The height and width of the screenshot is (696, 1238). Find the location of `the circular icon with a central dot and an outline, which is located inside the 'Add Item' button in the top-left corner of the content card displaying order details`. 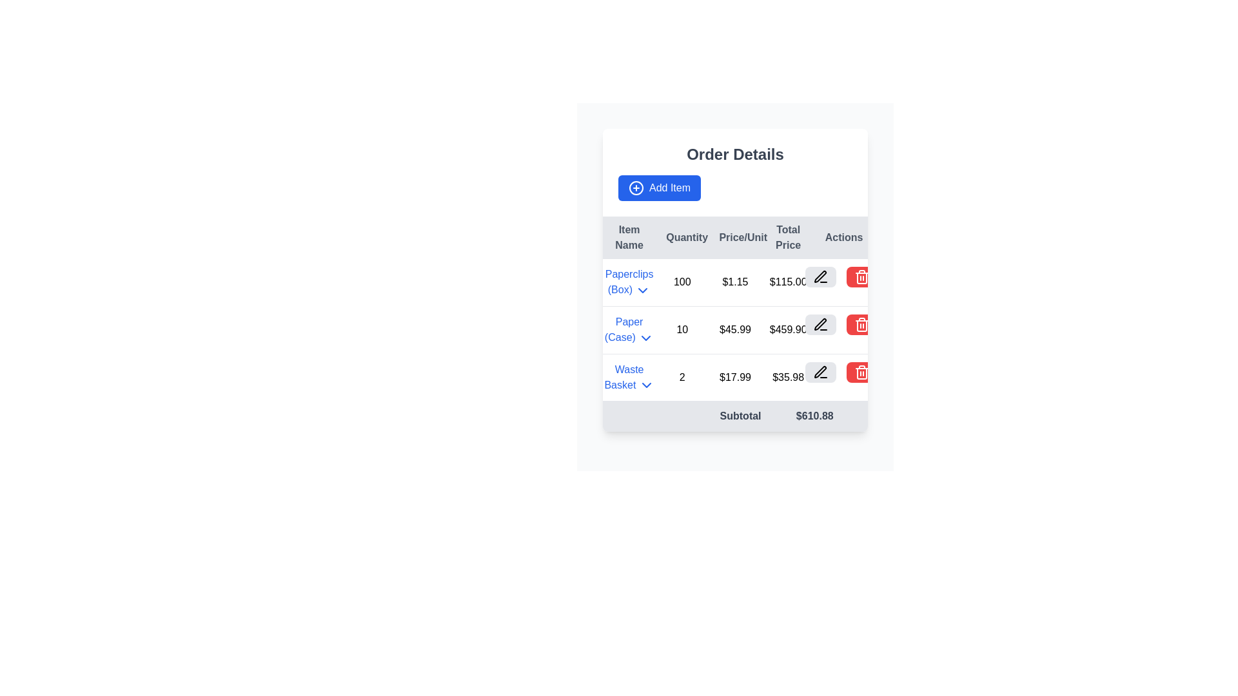

the circular icon with a central dot and an outline, which is located inside the 'Add Item' button in the top-left corner of the content card displaying order details is located at coordinates (636, 188).